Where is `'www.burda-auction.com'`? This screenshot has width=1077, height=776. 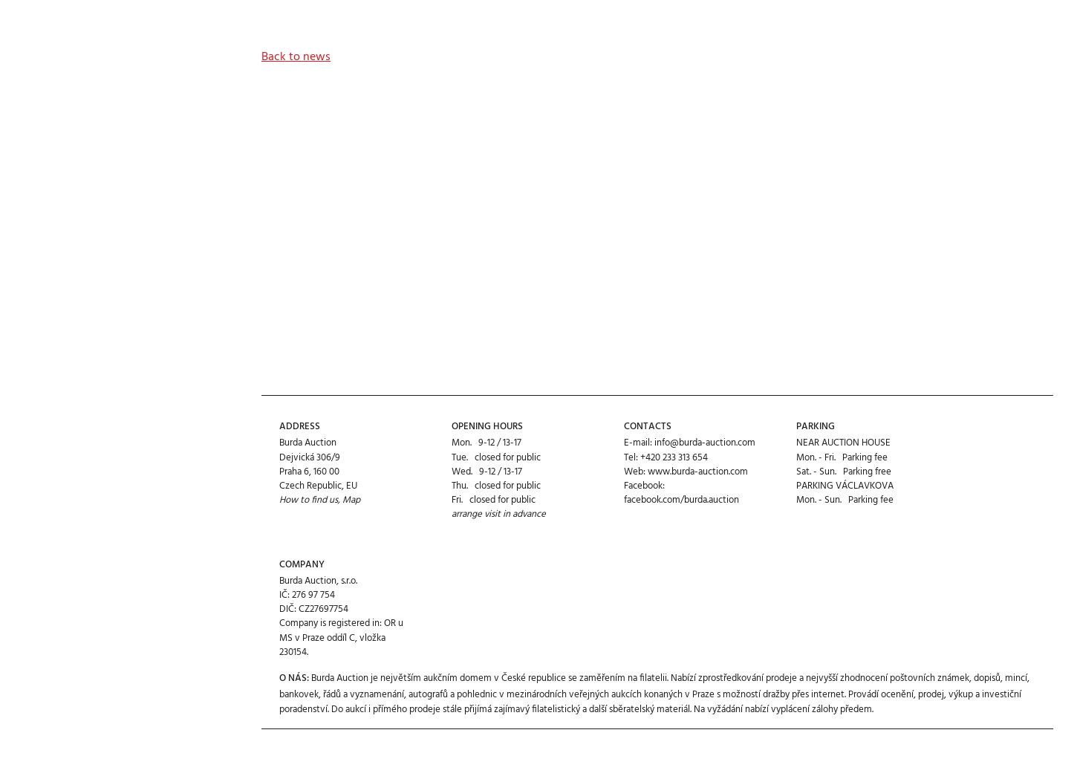 'www.burda-auction.com' is located at coordinates (647, 417).